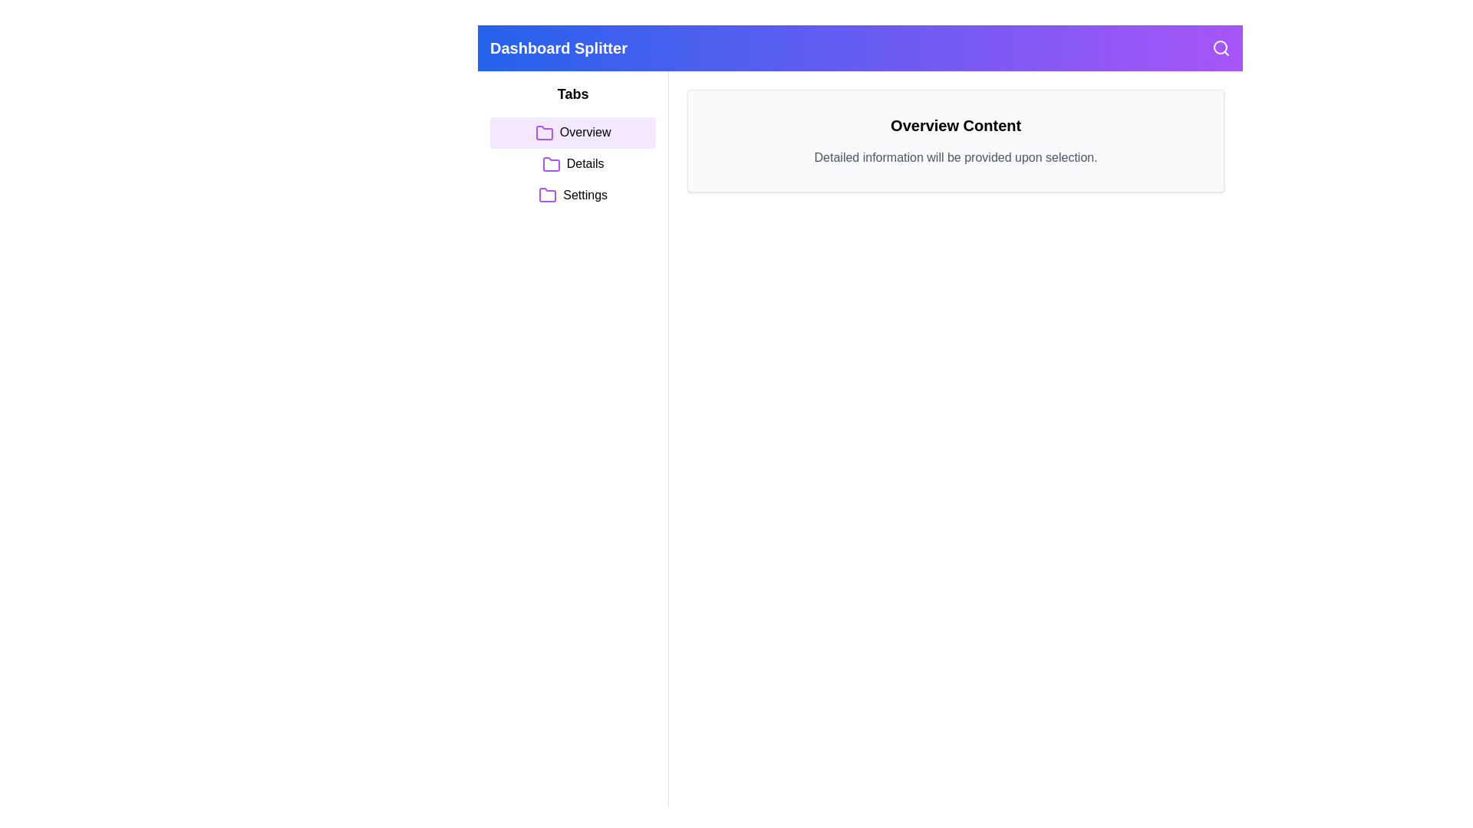 The height and width of the screenshot is (828, 1473). What do you see at coordinates (544, 132) in the screenshot?
I see `the purple folder icon located to the left of the 'Overview' text label in the sidebar menu` at bounding box center [544, 132].